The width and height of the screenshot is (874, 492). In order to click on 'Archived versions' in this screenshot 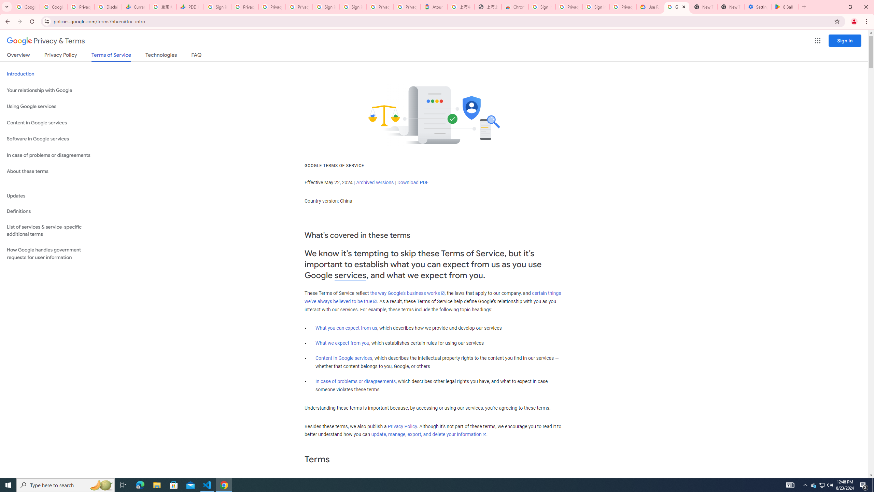, I will do `click(375, 182)`.